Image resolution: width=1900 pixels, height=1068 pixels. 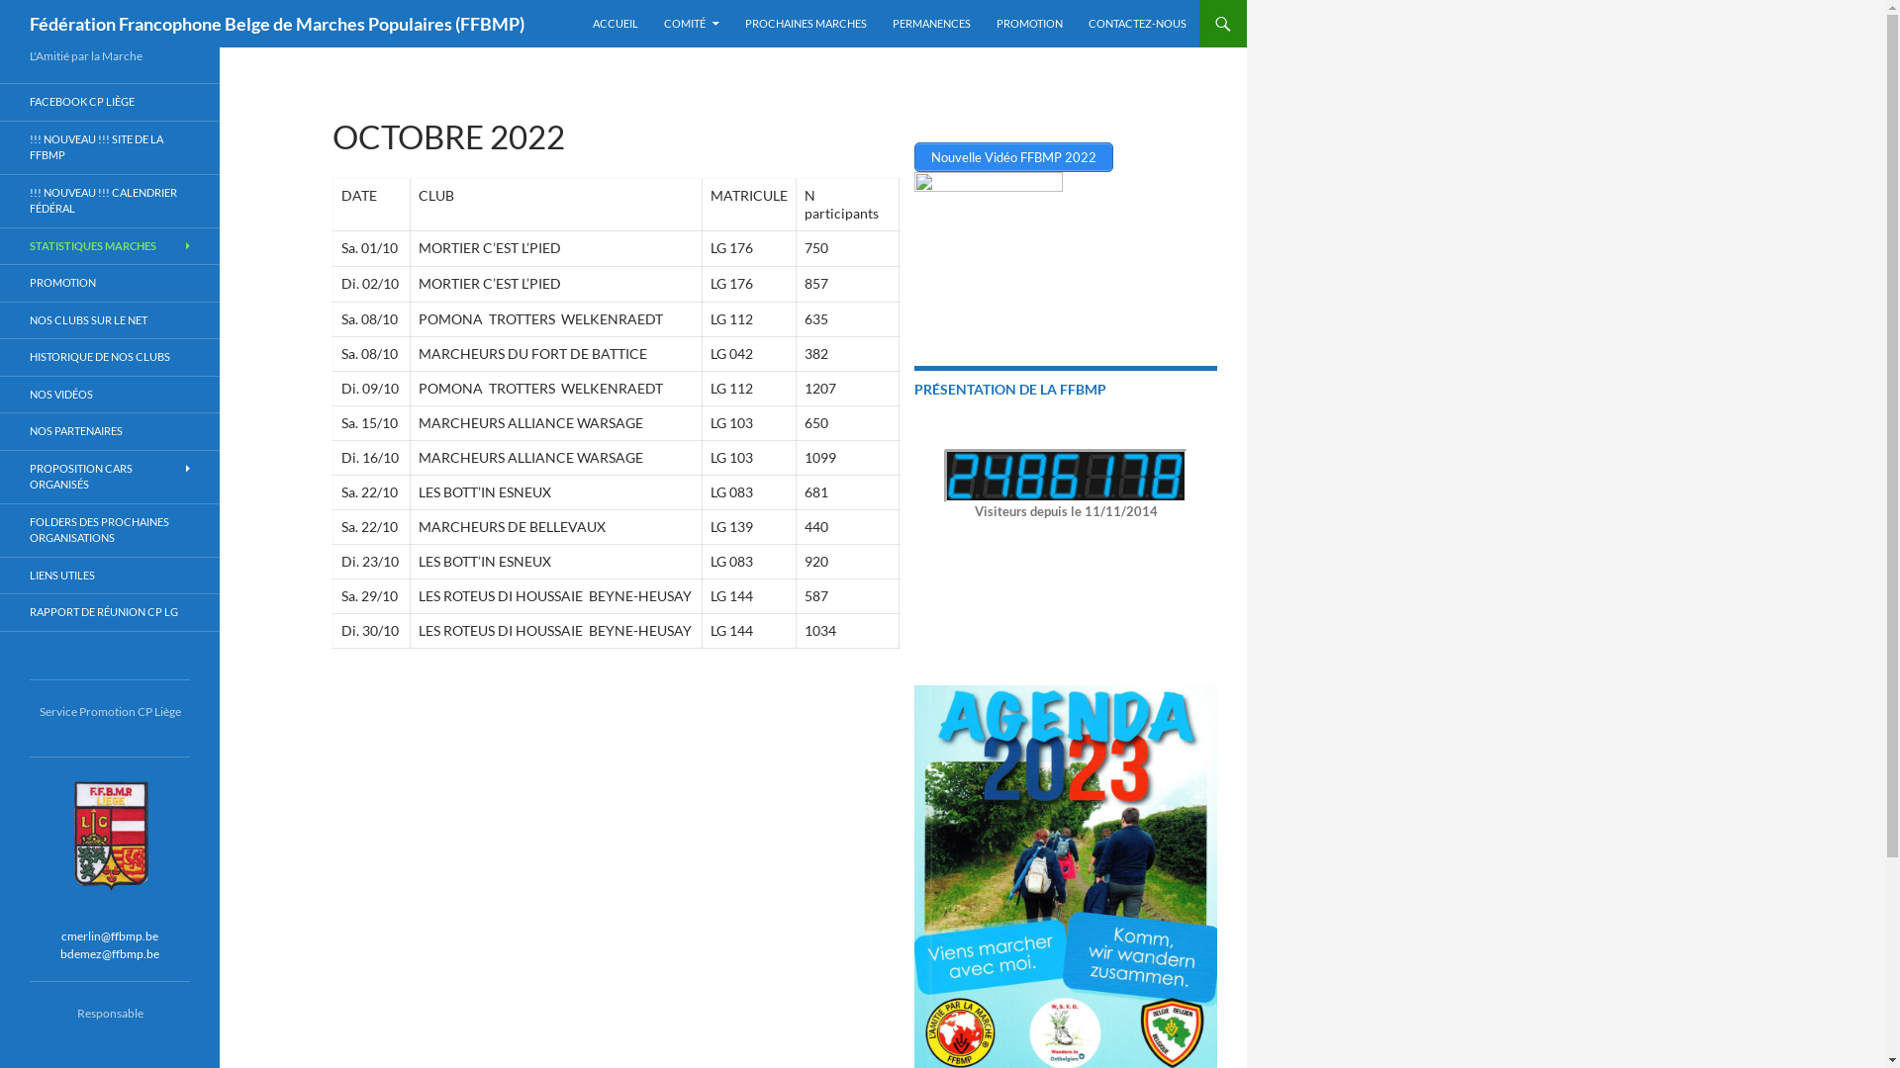 What do you see at coordinates (108, 934) in the screenshot?
I see `'cmerlin@ffbmp.be'` at bounding box center [108, 934].